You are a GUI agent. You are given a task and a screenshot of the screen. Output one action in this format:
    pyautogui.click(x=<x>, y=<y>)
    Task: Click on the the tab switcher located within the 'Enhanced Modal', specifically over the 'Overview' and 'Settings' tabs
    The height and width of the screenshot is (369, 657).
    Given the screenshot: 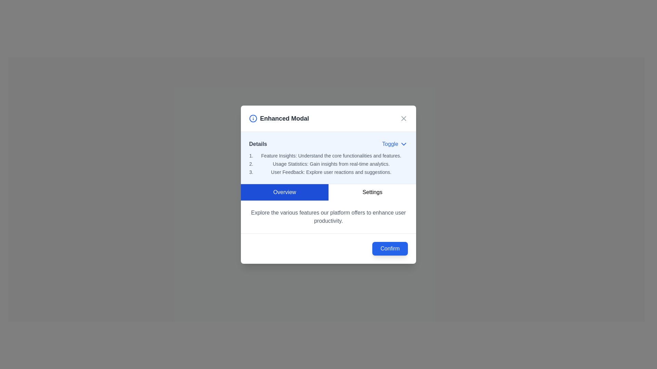 What is the action you would take?
    pyautogui.click(x=328, y=192)
    